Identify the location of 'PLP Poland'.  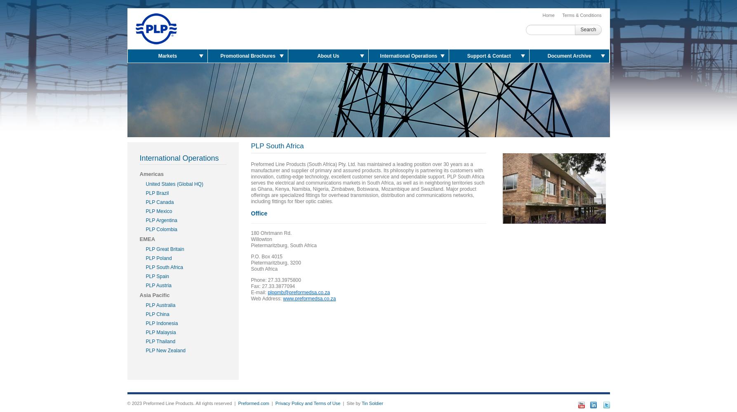
(158, 258).